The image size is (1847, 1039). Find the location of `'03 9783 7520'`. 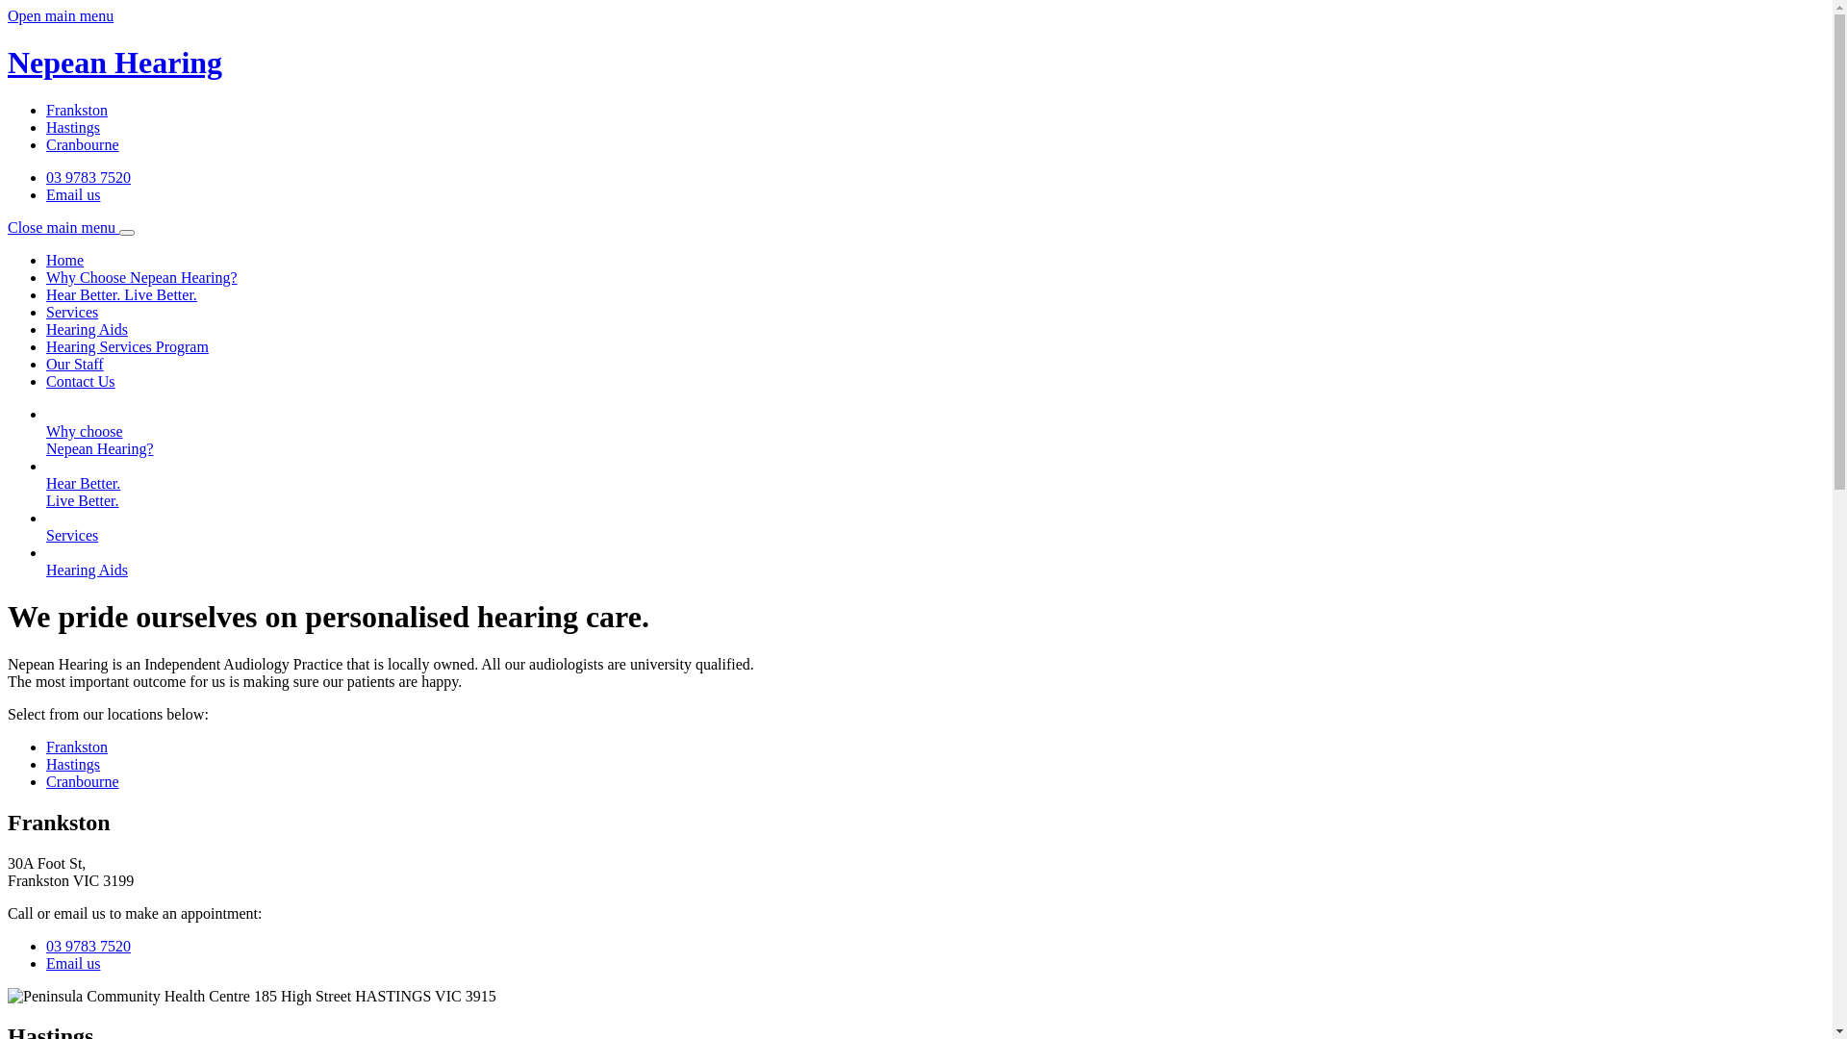

'03 9783 7520' is located at coordinates (87, 177).